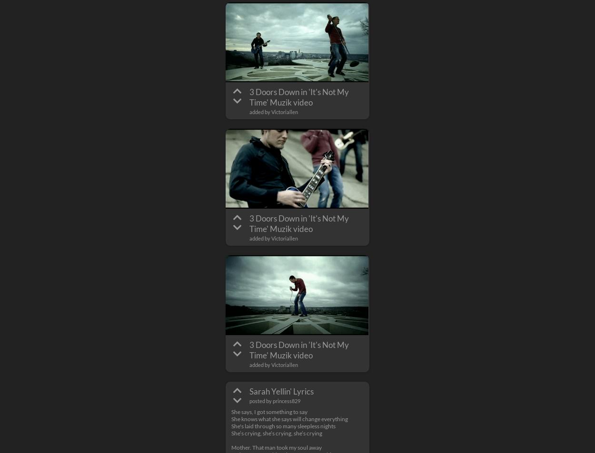  I want to click on 'posted by', so click(261, 401).